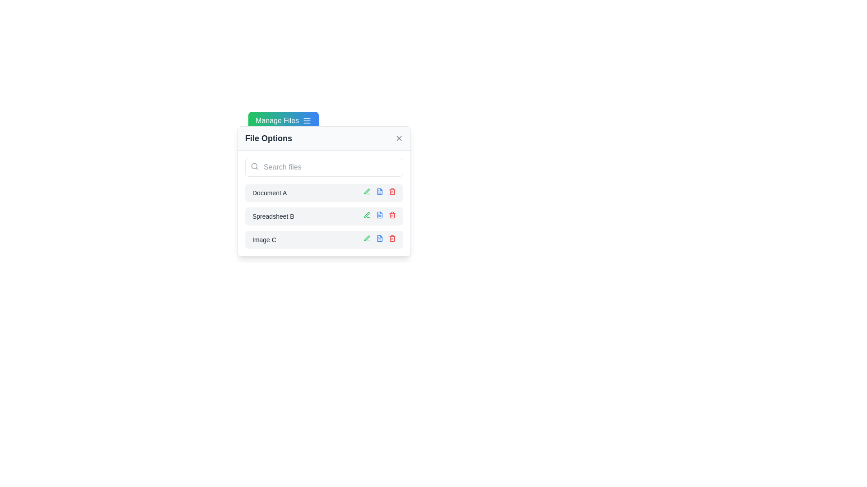  I want to click on the blue icon button representing a file or document, so click(379, 191).